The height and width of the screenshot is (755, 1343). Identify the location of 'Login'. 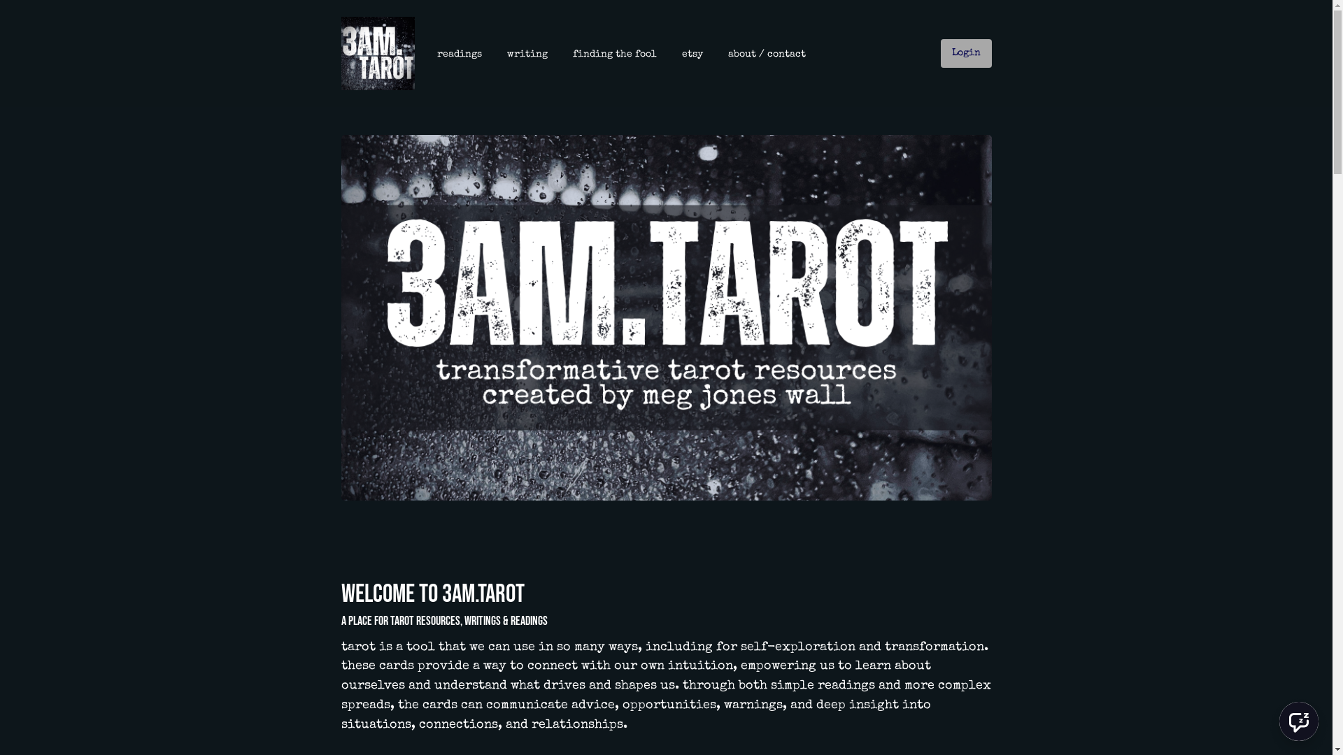
(965, 52).